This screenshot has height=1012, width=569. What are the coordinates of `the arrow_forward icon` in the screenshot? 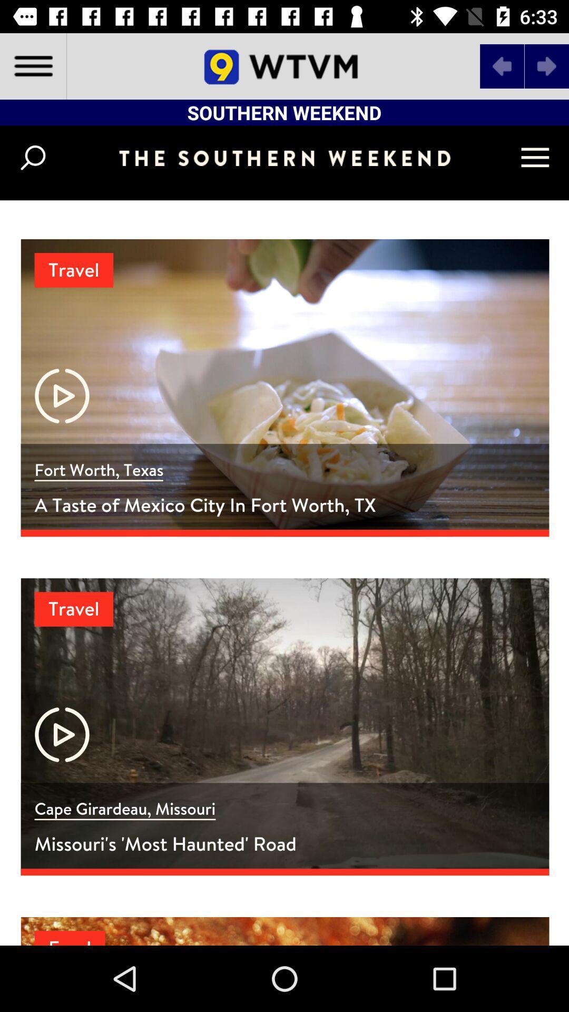 It's located at (546, 65).